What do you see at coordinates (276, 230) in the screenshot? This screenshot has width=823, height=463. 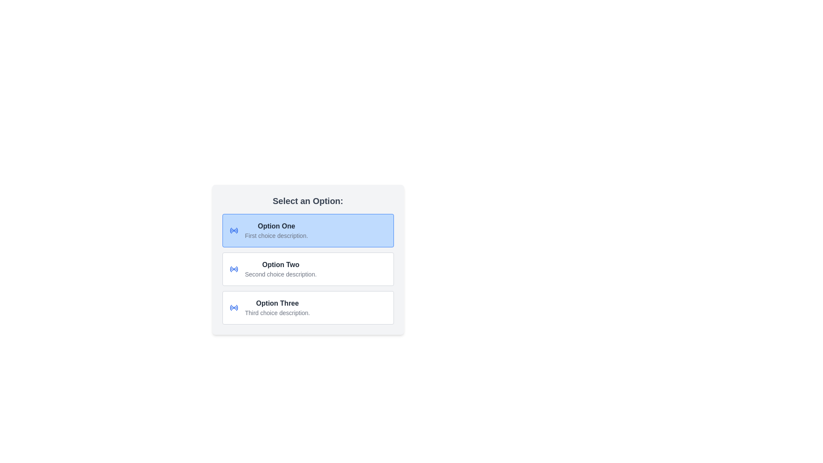 I see `the first selectable option under the heading 'Select an Option:'` at bounding box center [276, 230].